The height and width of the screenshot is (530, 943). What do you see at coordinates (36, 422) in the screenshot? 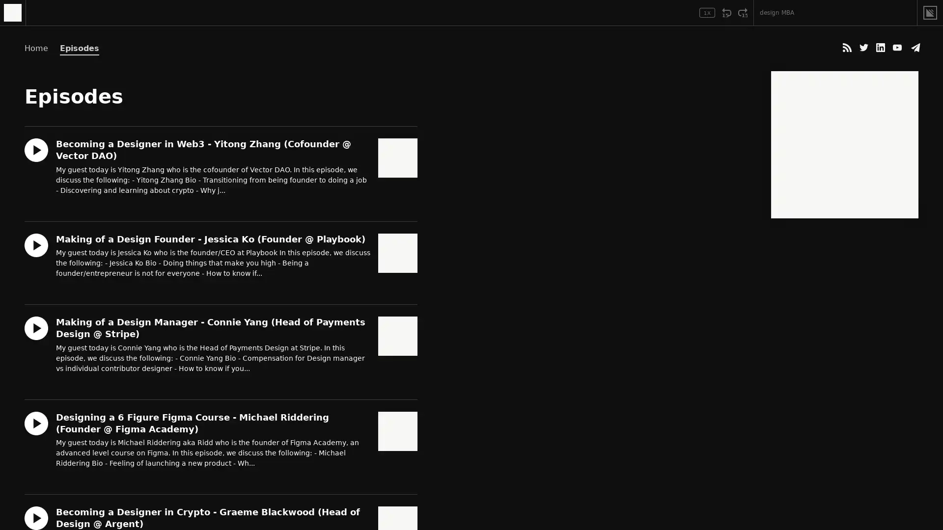
I see `Play` at bounding box center [36, 422].